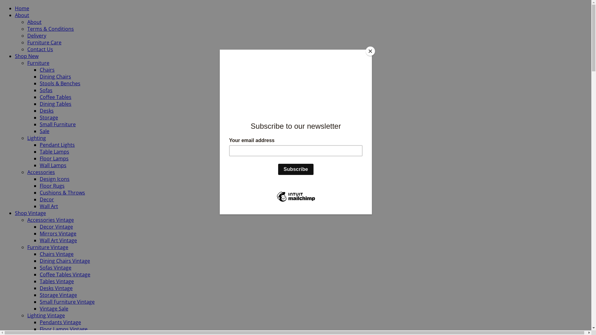  Describe the element at coordinates (67, 301) in the screenshot. I see `'Small Furniture Vintage'` at that location.